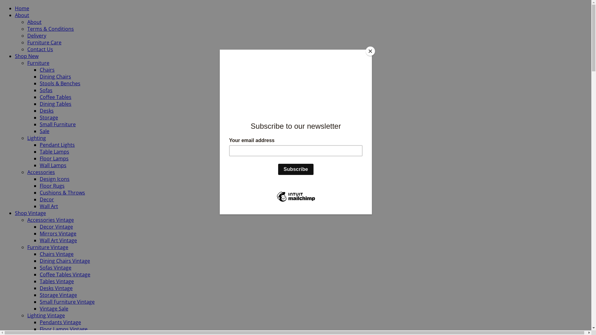  Describe the element at coordinates (67, 301) in the screenshot. I see `'Small Furniture Vintage'` at that location.